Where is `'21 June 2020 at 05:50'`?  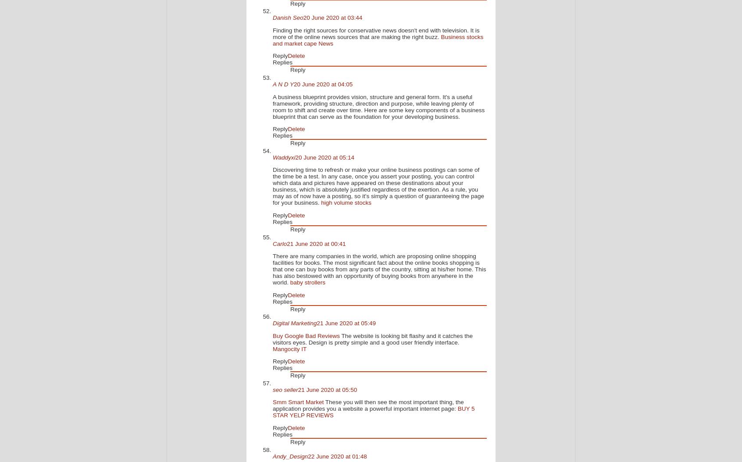 '21 June 2020 at 05:50' is located at coordinates (327, 389).